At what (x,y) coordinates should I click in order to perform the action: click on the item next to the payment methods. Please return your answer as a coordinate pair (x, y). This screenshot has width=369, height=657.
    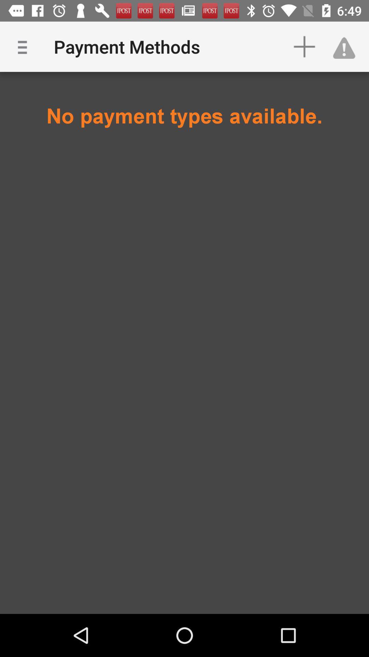
    Looking at the image, I should click on (304, 46).